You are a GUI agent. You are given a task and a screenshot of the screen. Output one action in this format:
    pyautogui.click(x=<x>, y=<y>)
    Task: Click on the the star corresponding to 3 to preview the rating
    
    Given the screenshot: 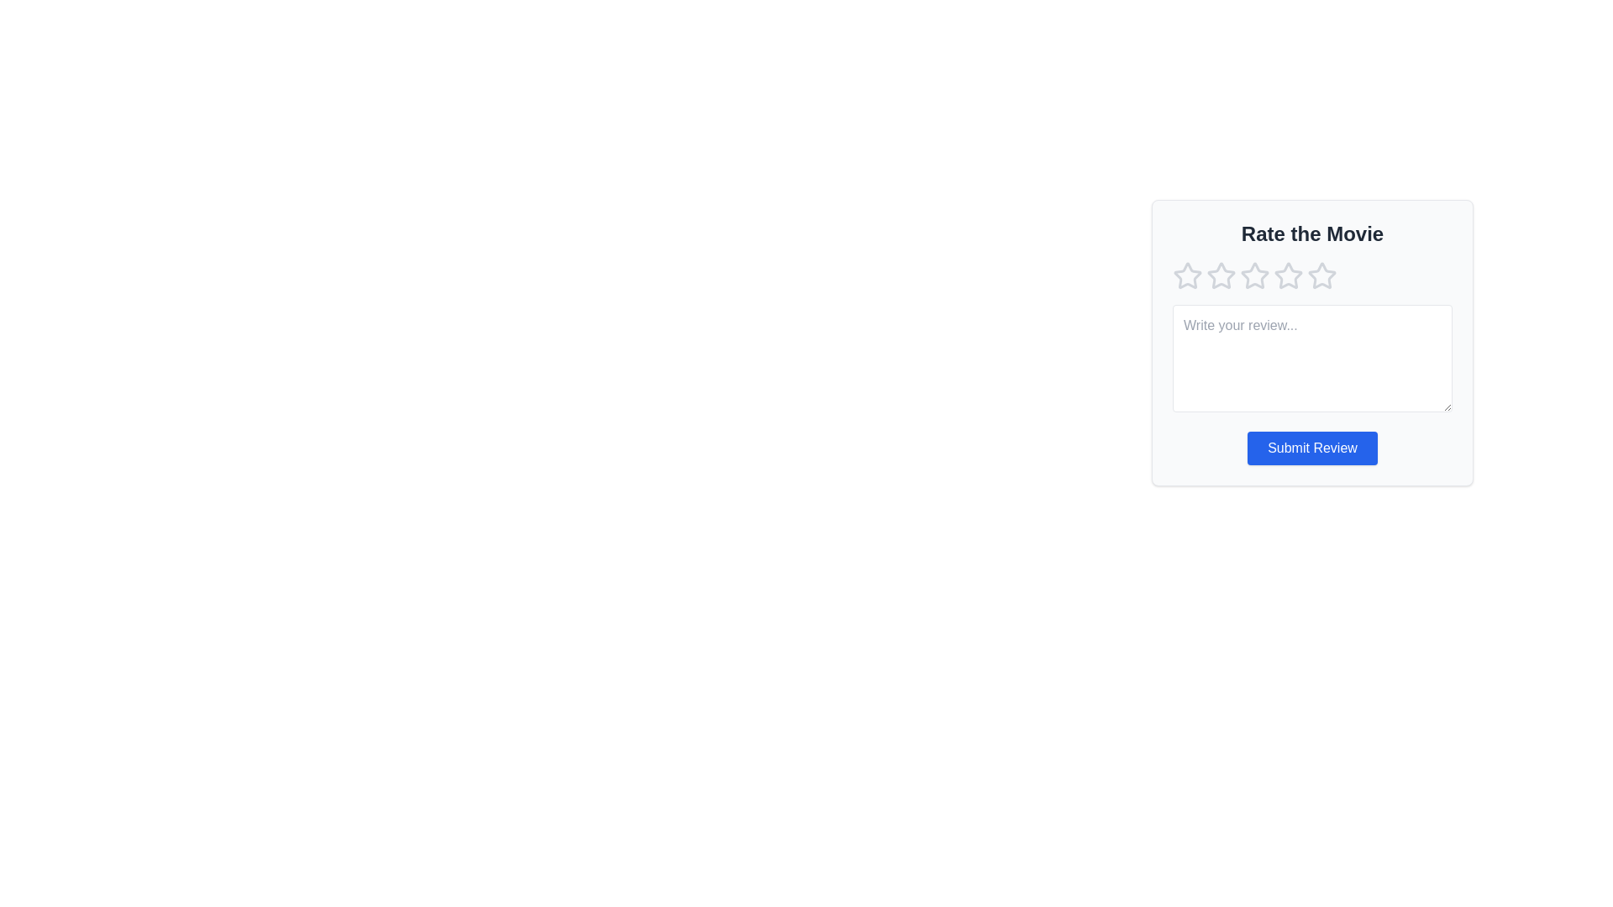 What is the action you would take?
    pyautogui.click(x=1254, y=275)
    